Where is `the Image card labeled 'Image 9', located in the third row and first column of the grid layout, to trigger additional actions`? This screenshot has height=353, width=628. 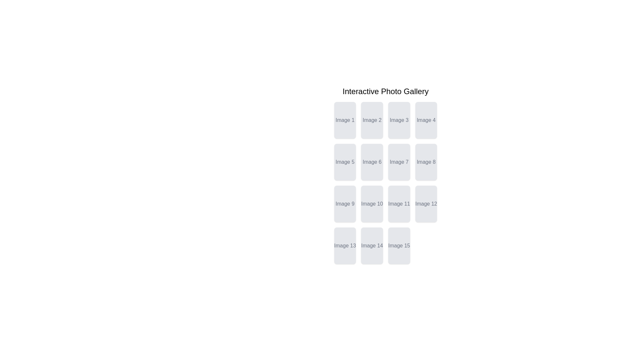
the Image card labeled 'Image 9', located in the third row and first column of the grid layout, to trigger additional actions is located at coordinates (344, 204).